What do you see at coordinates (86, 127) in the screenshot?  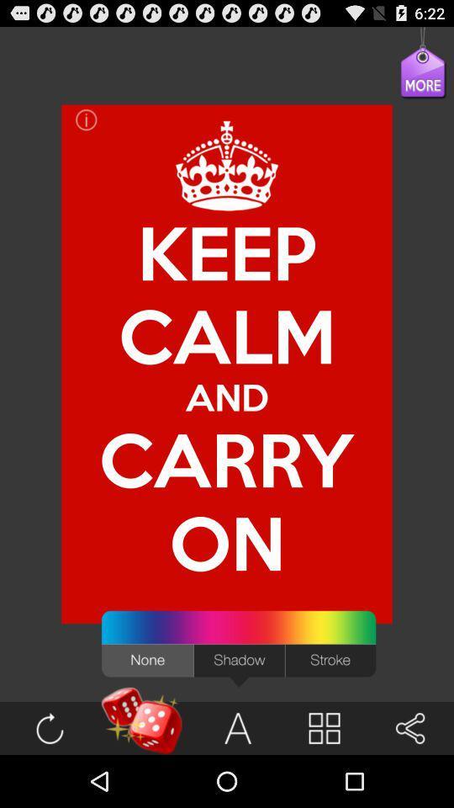 I see `the info icon` at bounding box center [86, 127].